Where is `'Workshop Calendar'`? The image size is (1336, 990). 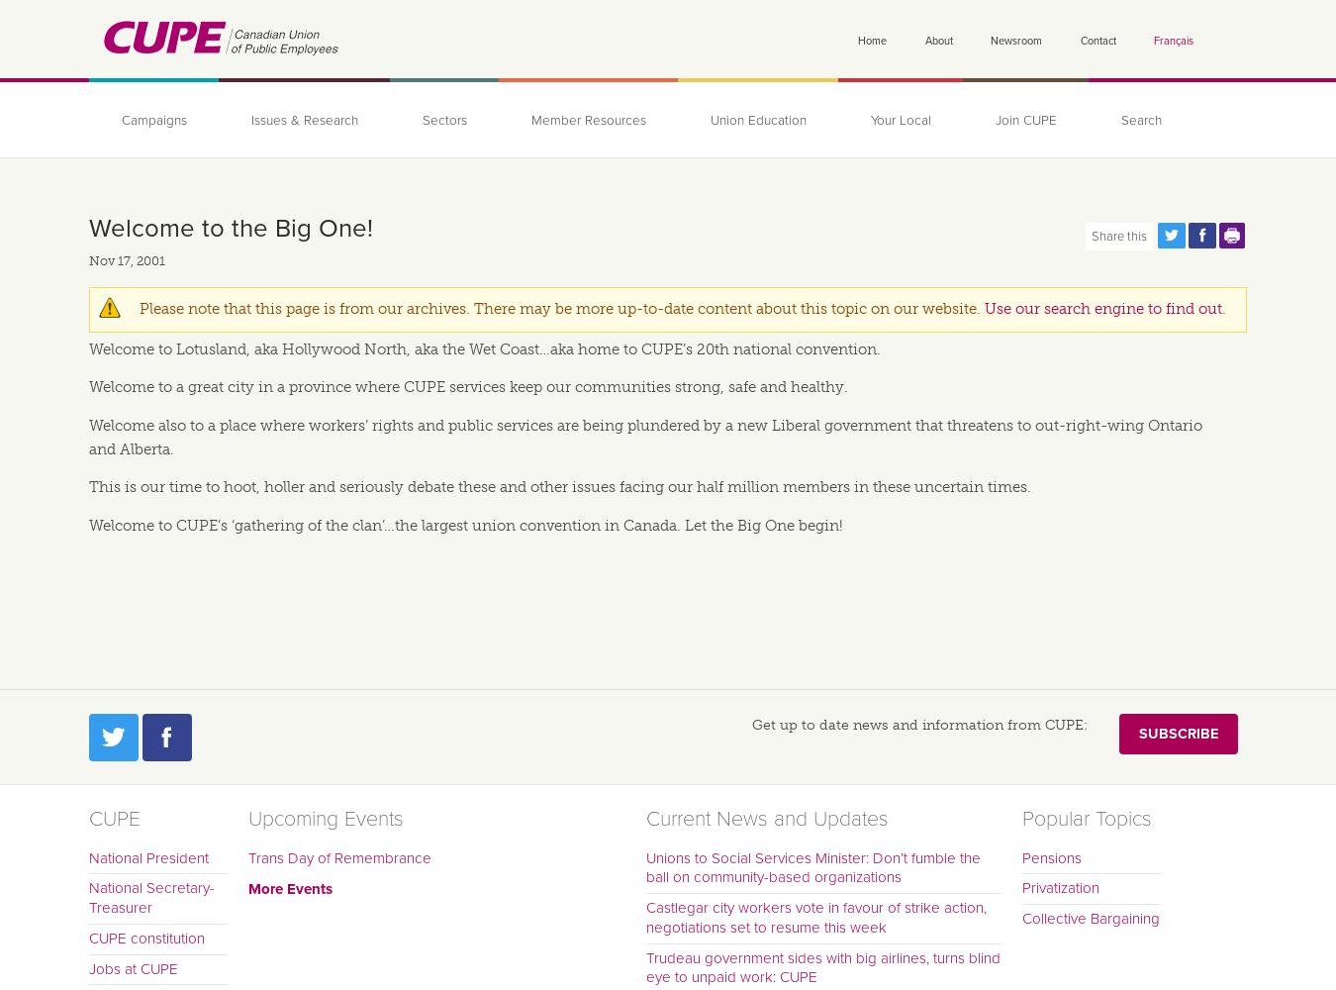
'Workshop Calendar' is located at coordinates (225, 249).